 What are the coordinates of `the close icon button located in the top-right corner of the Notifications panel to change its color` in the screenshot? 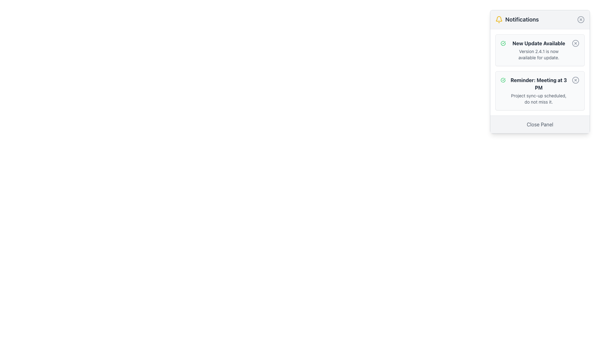 It's located at (580, 19).